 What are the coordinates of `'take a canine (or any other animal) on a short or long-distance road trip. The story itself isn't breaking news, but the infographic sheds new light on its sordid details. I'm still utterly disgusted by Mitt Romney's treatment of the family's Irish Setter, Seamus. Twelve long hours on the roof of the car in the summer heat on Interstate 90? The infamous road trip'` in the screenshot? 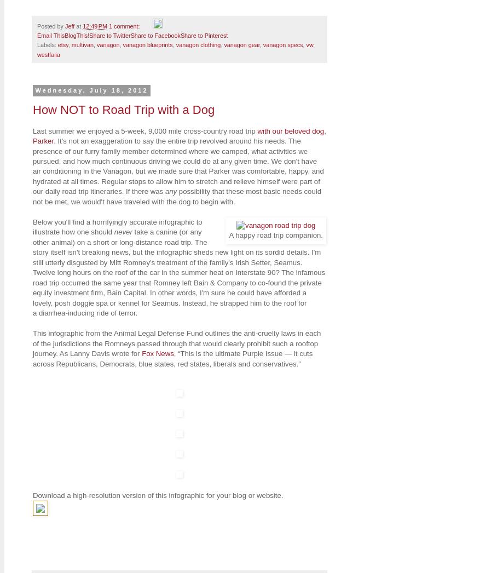 It's located at (178, 256).